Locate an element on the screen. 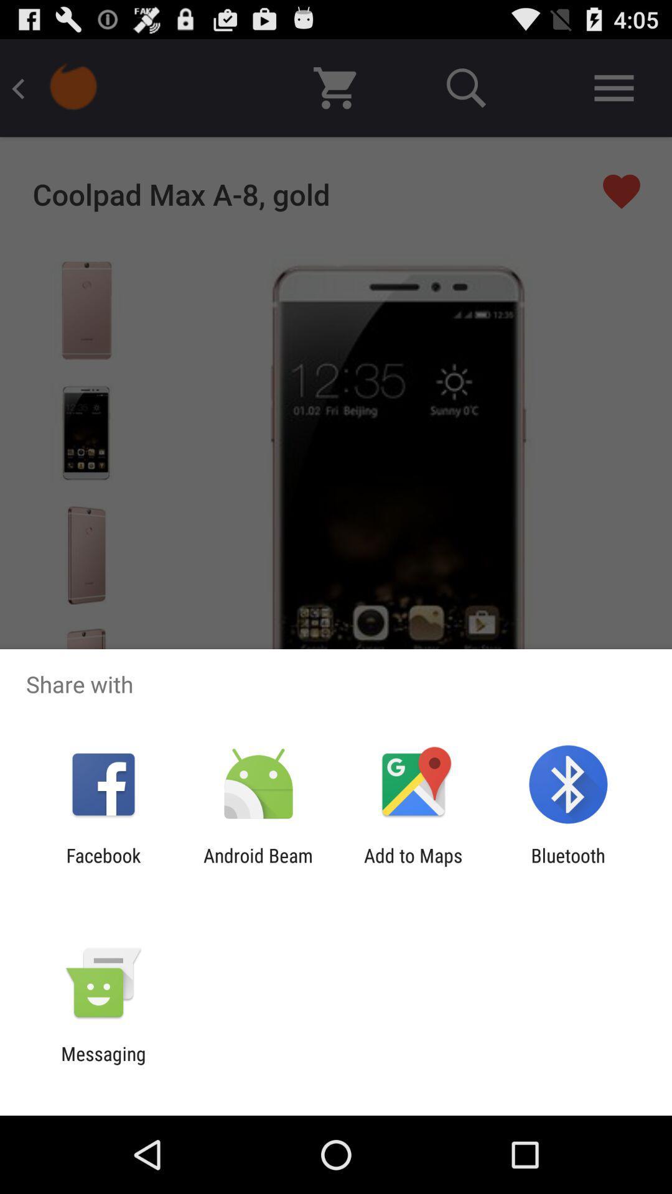 The image size is (672, 1194). android beam item is located at coordinates (258, 866).